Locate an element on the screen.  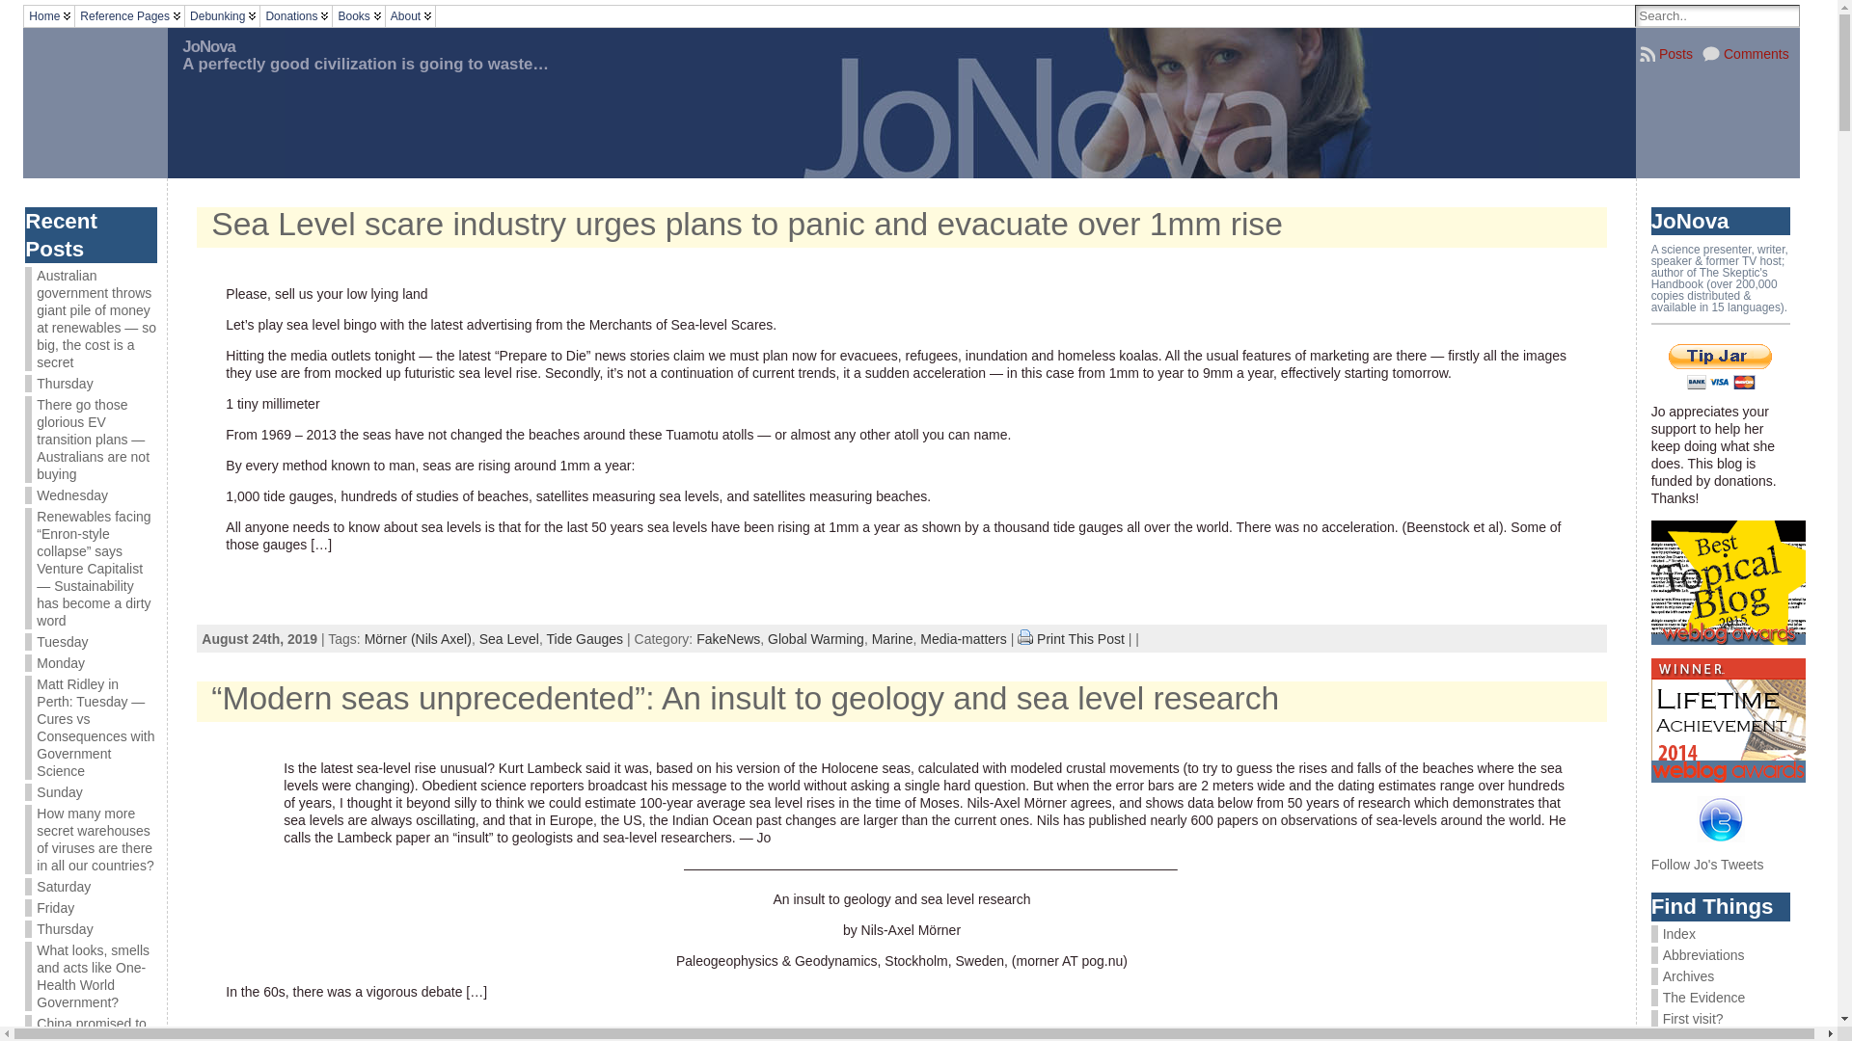
'Sunday' is located at coordinates (59, 791).